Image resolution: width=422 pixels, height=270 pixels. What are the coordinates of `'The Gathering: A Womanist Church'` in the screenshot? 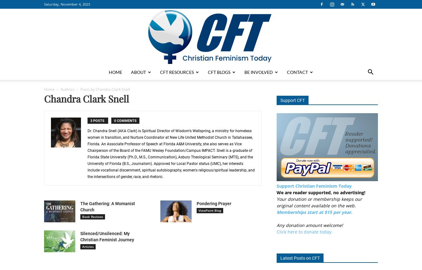 It's located at (108, 206).